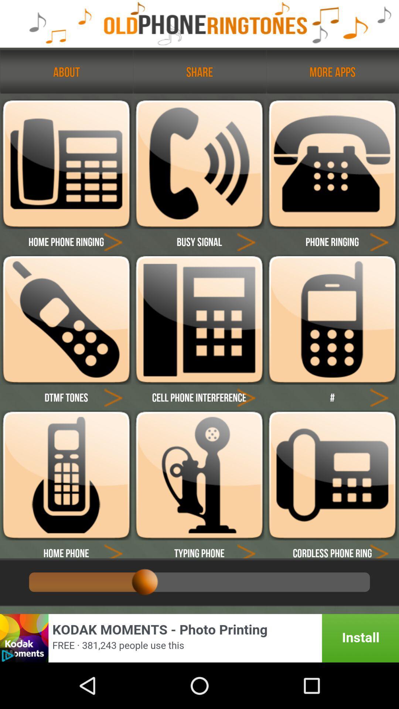 The height and width of the screenshot is (709, 399). I want to click on continue home ringing tone, so click(113, 242).